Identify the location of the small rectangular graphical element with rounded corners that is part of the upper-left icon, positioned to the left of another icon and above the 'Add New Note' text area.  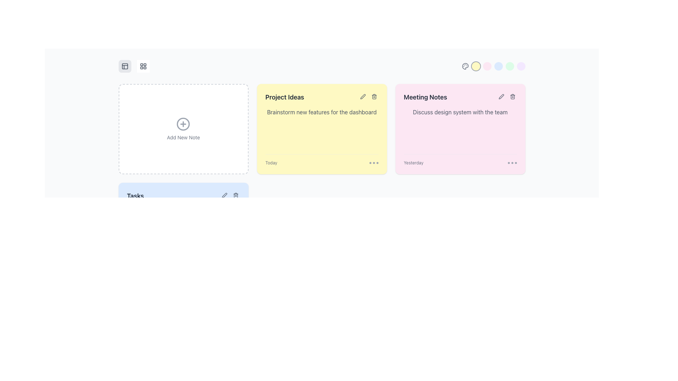
(125, 66).